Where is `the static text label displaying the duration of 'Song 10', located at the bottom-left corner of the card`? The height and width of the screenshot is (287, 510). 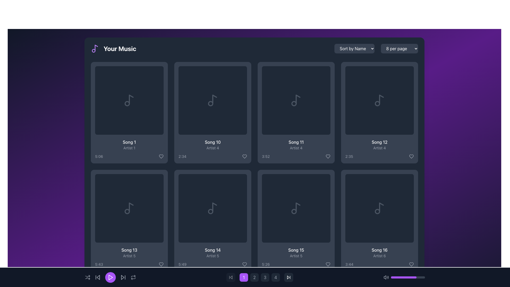 the static text label displaying the duration of 'Song 10', located at the bottom-left corner of the card is located at coordinates (182, 156).